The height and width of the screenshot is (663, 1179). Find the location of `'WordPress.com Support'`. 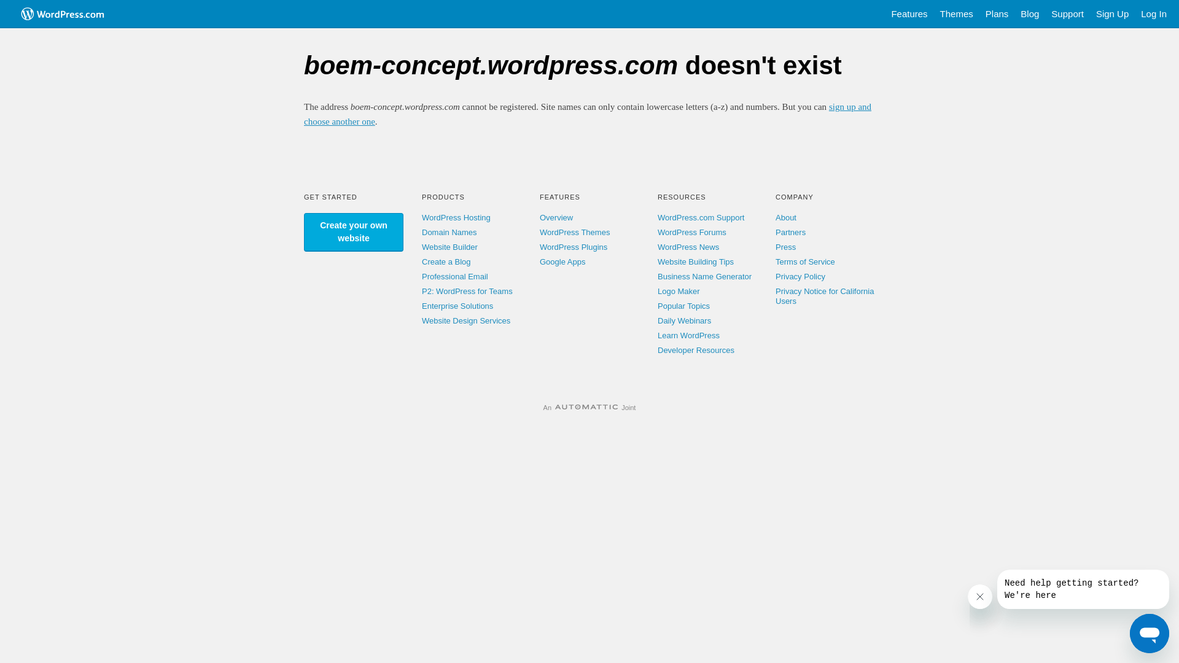

'WordPress.com Support' is located at coordinates (656, 217).